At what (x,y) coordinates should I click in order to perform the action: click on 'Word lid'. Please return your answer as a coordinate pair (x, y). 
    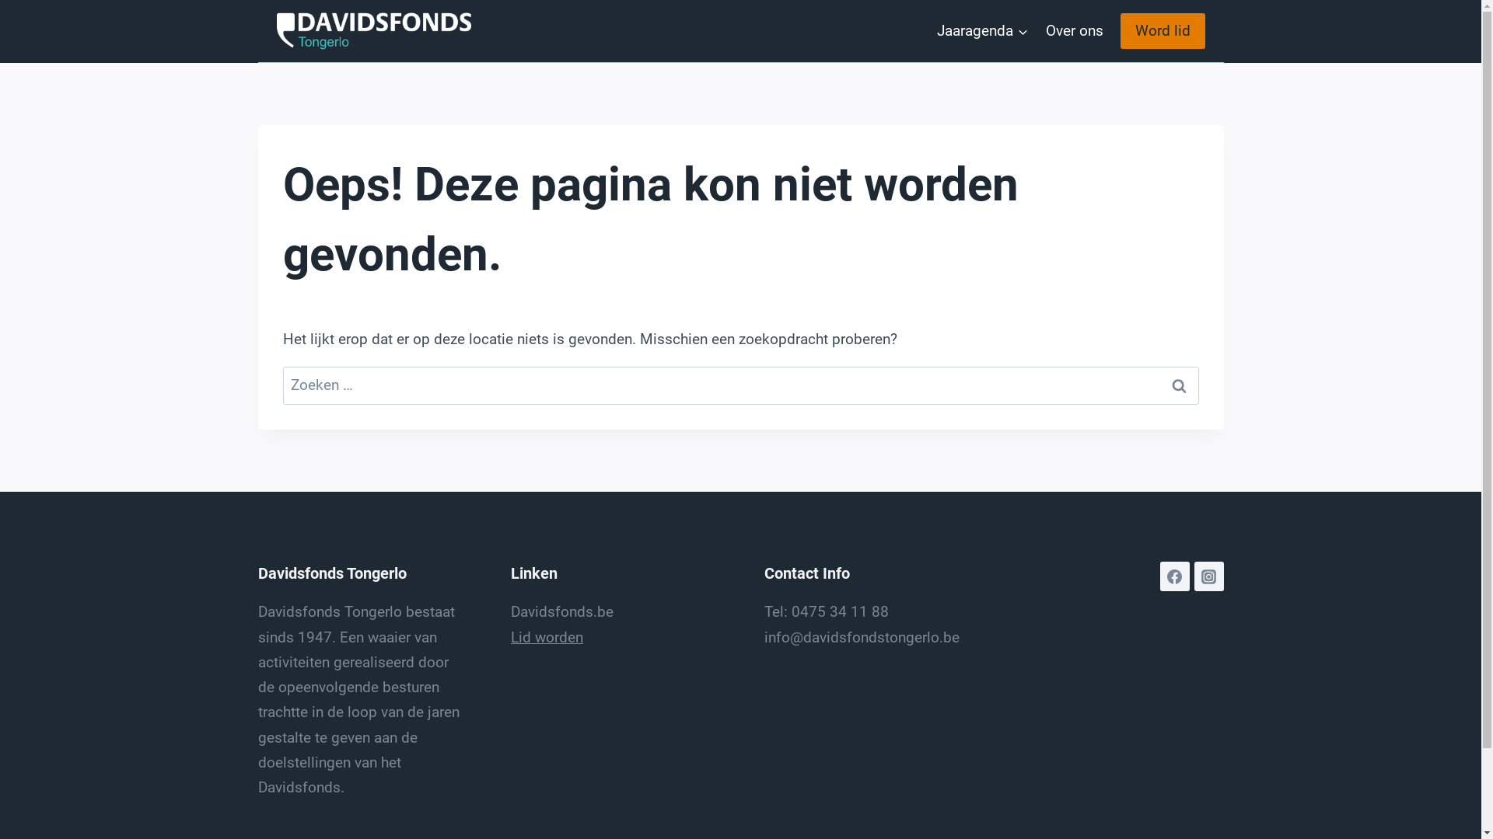
    Looking at the image, I should click on (1120, 30).